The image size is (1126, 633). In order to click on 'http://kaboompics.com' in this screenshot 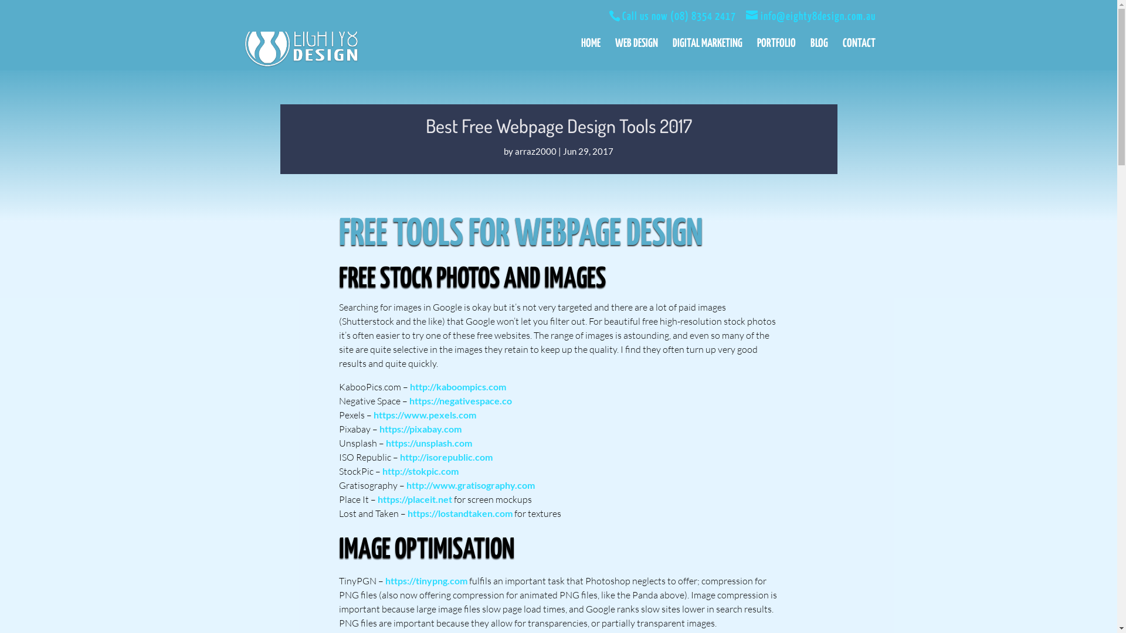, I will do `click(456, 386)`.